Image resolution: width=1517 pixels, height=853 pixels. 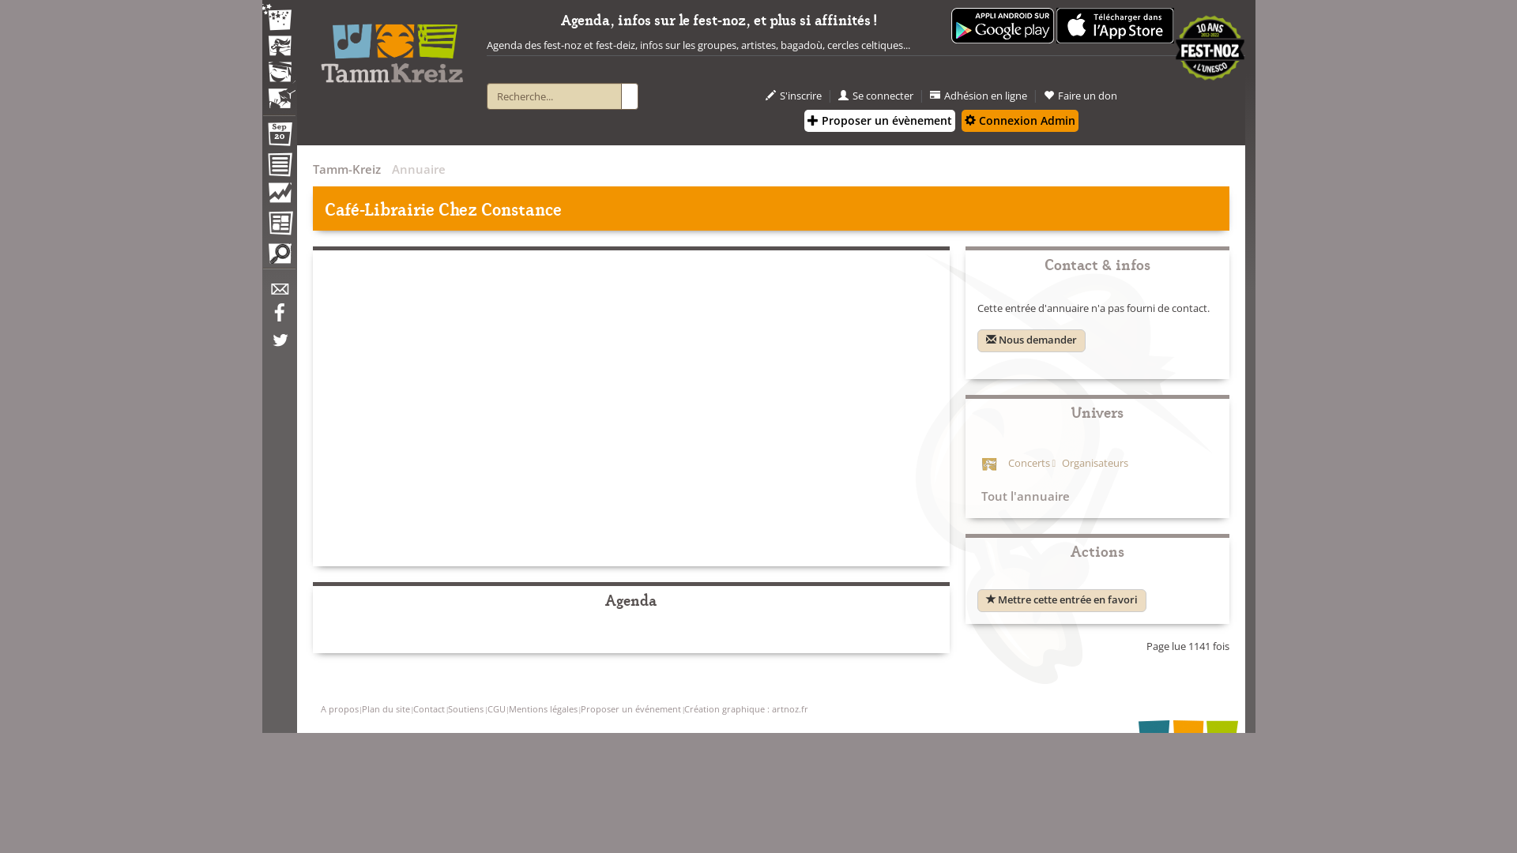 I want to click on 'Plan du site', so click(x=386, y=708).